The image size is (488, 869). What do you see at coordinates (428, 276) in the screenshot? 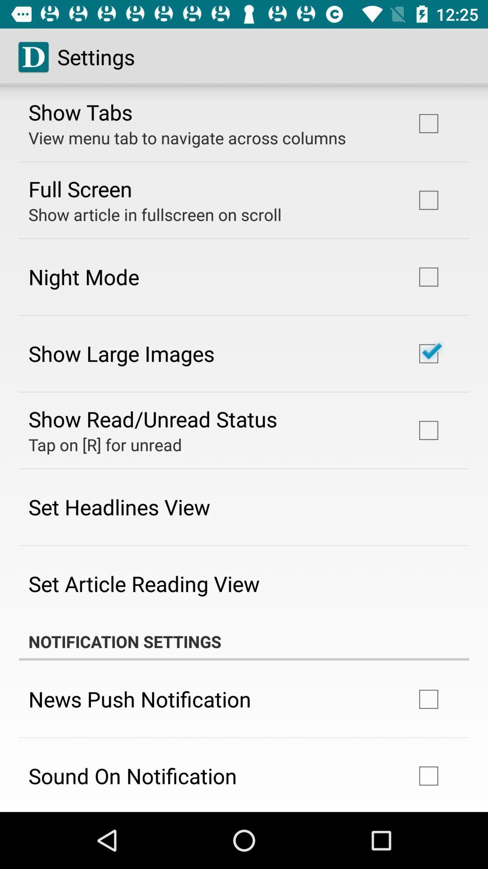
I see `the square box to the right of the text night mode` at bounding box center [428, 276].